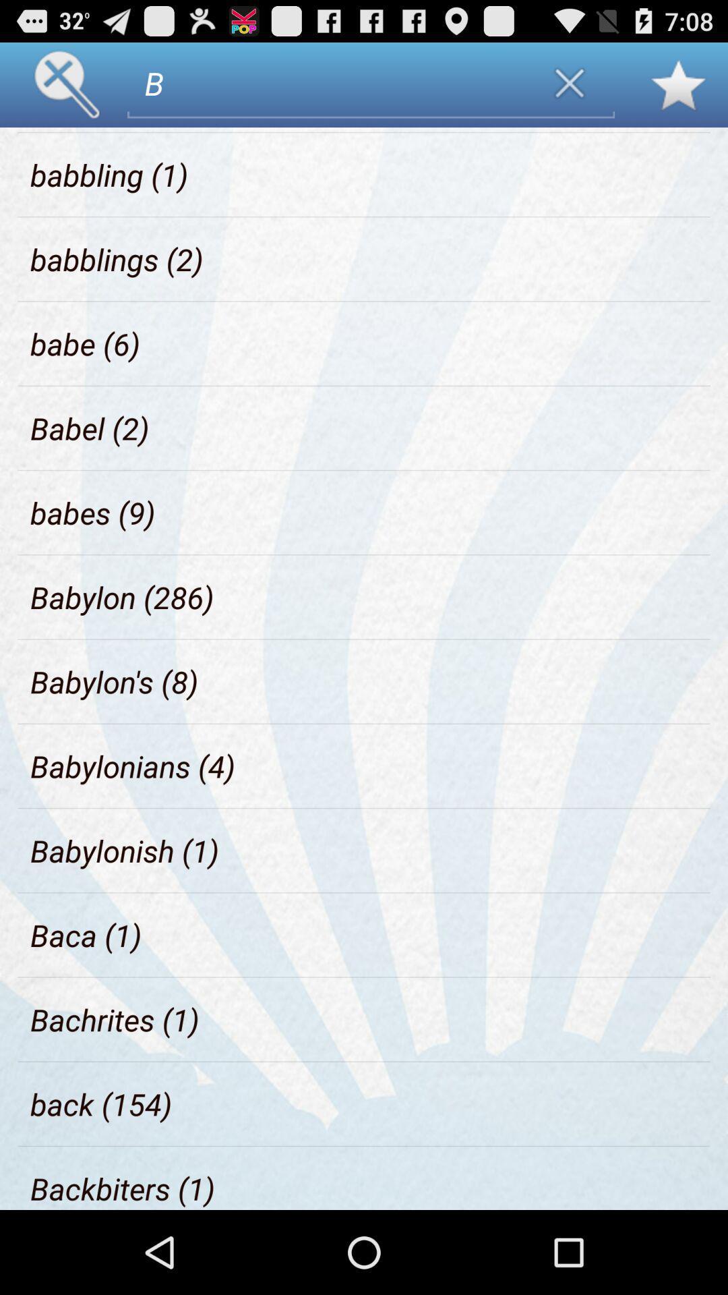  I want to click on babylonians (4), so click(133, 766).